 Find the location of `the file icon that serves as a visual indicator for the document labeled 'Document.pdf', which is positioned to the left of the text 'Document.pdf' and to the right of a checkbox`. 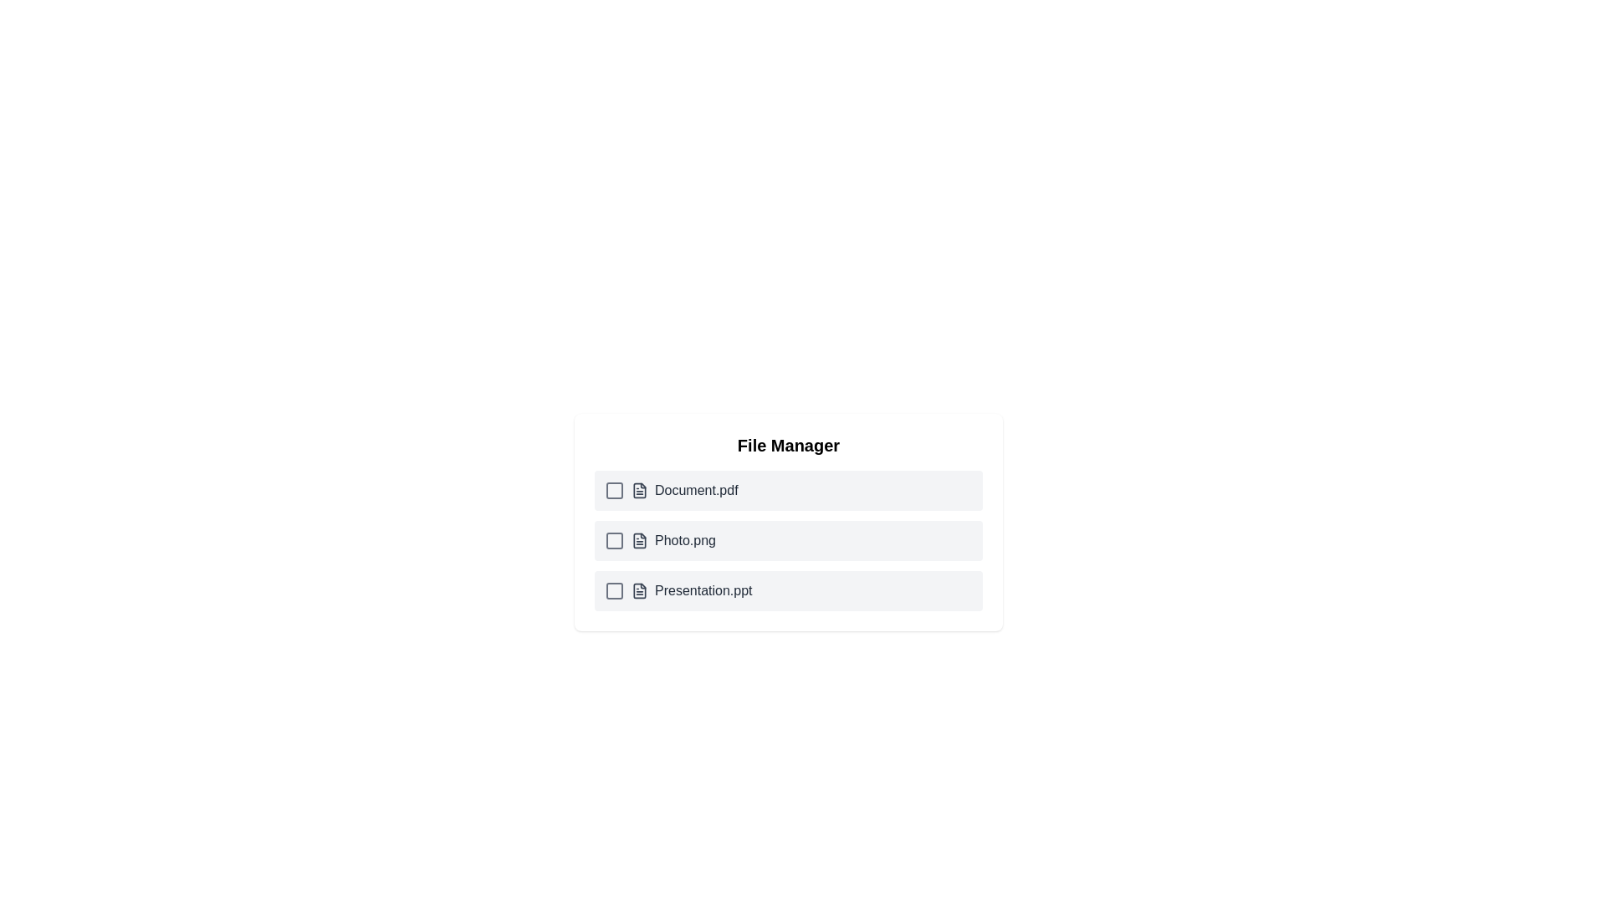

the file icon that serves as a visual indicator for the document labeled 'Document.pdf', which is positioned to the left of the text 'Document.pdf' and to the right of a checkbox is located at coordinates (638, 489).